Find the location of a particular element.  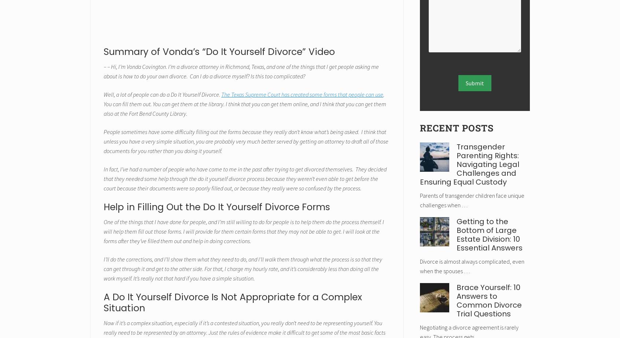

'Divorce is almost always complicated, even when the spouses  …' is located at coordinates (419, 265).